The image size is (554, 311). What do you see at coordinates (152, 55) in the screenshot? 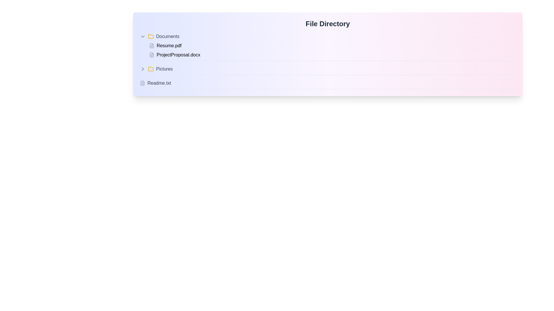
I see `the file icon representing 'ProjectProposal.docx', located next to the text label in the File Directory list` at bounding box center [152, 55].